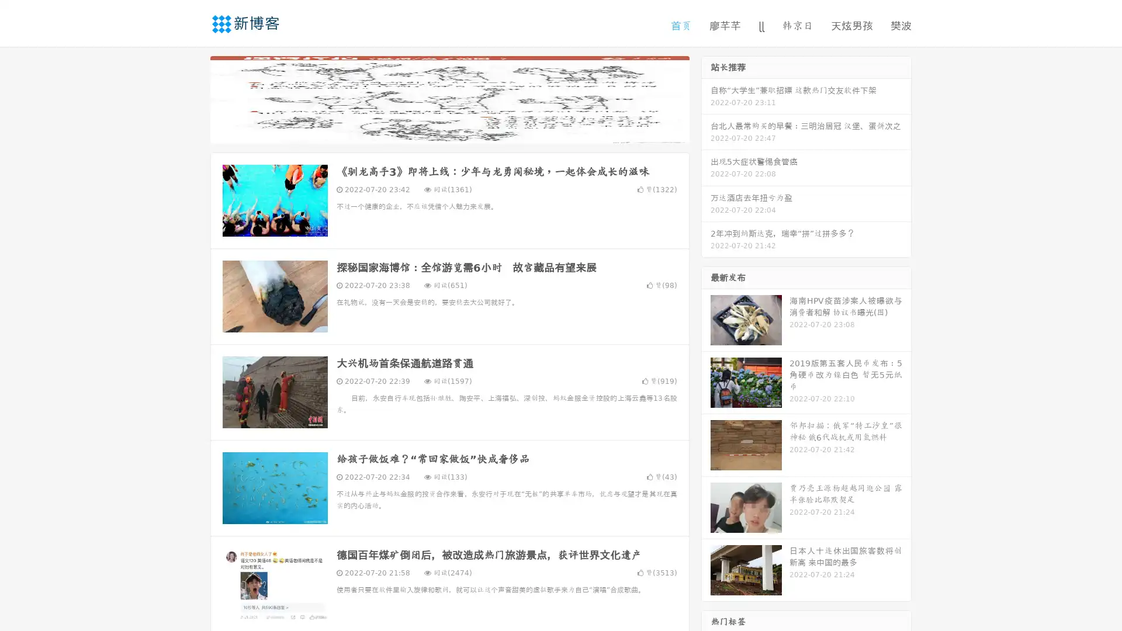  What do you see at coordinates (449, 131) in the screenshot?
I see `Go to slide 2` at bounding box center [449, 131].